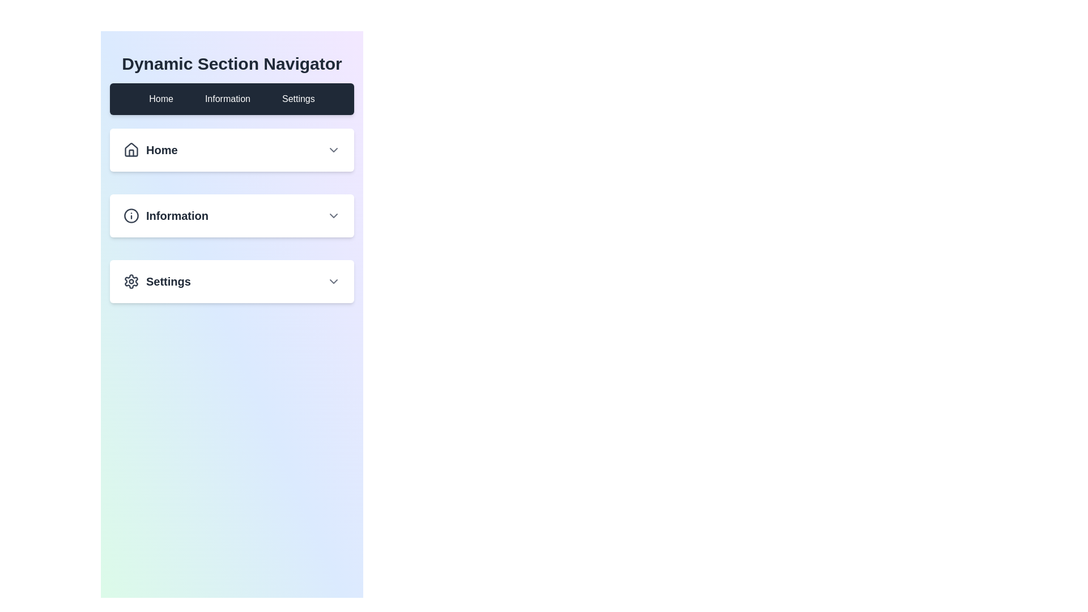  I want to click on the Icon button that serves as a visual indicator for accessing settings functionalities, located in the 'Settings' section adjacent to the 'Settings' label, so click(131, 281).